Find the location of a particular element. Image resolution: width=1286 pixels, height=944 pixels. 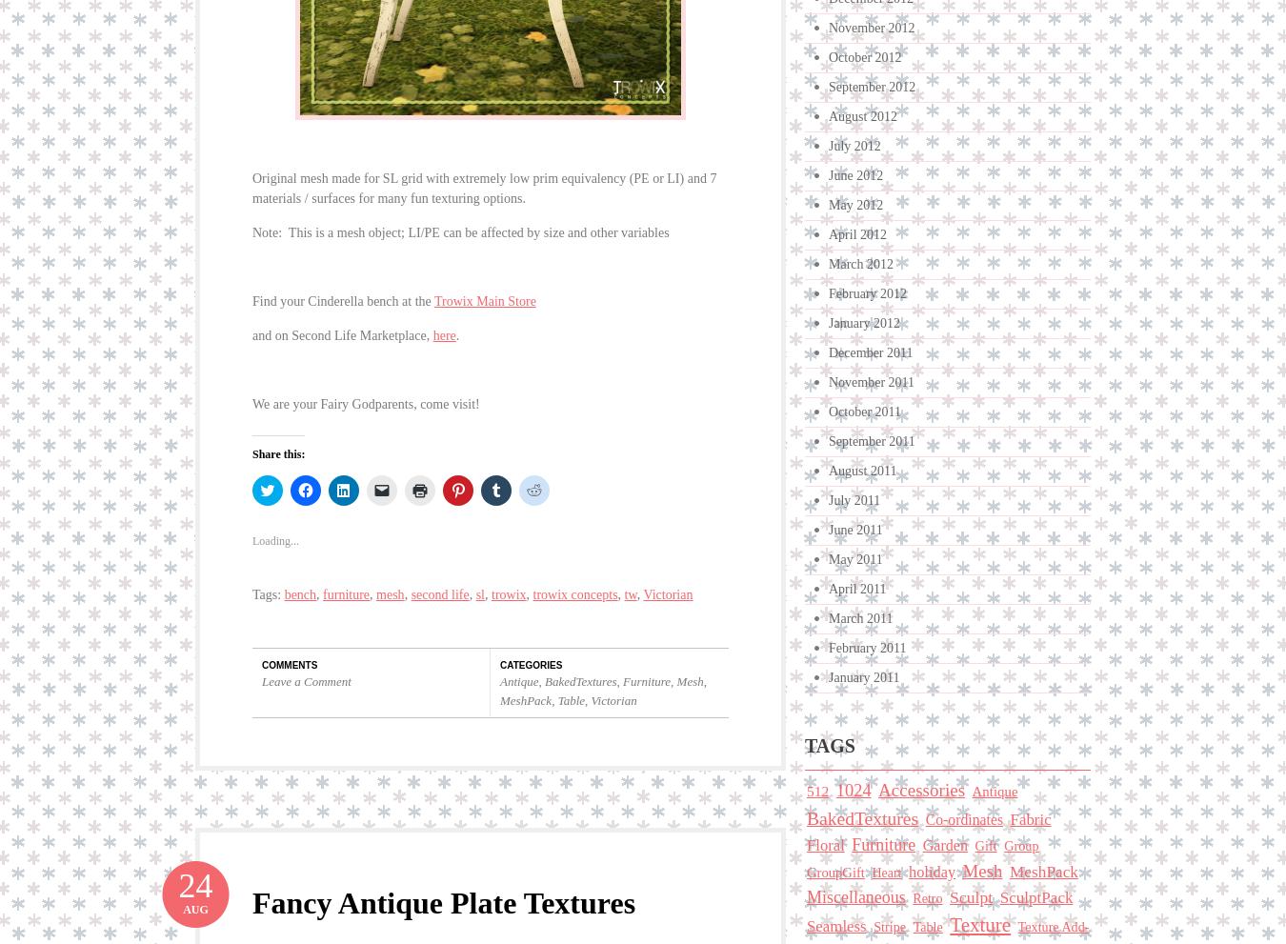

'April 2011' is located at coordinates (857, 589).